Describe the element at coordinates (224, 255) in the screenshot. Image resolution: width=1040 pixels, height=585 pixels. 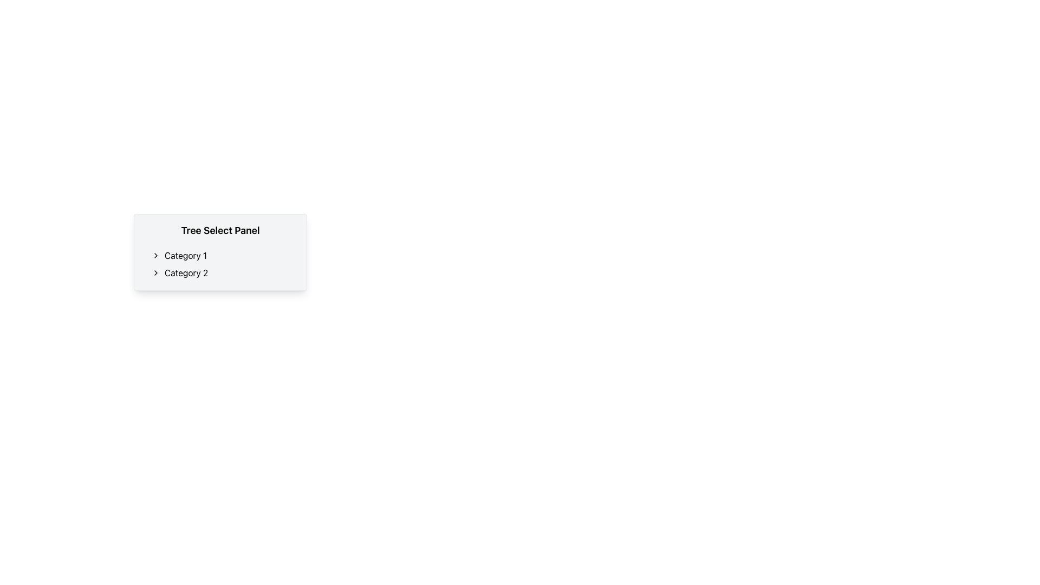
I see `the 'Category 1' list item with an expand/collapse chevron` at that location.